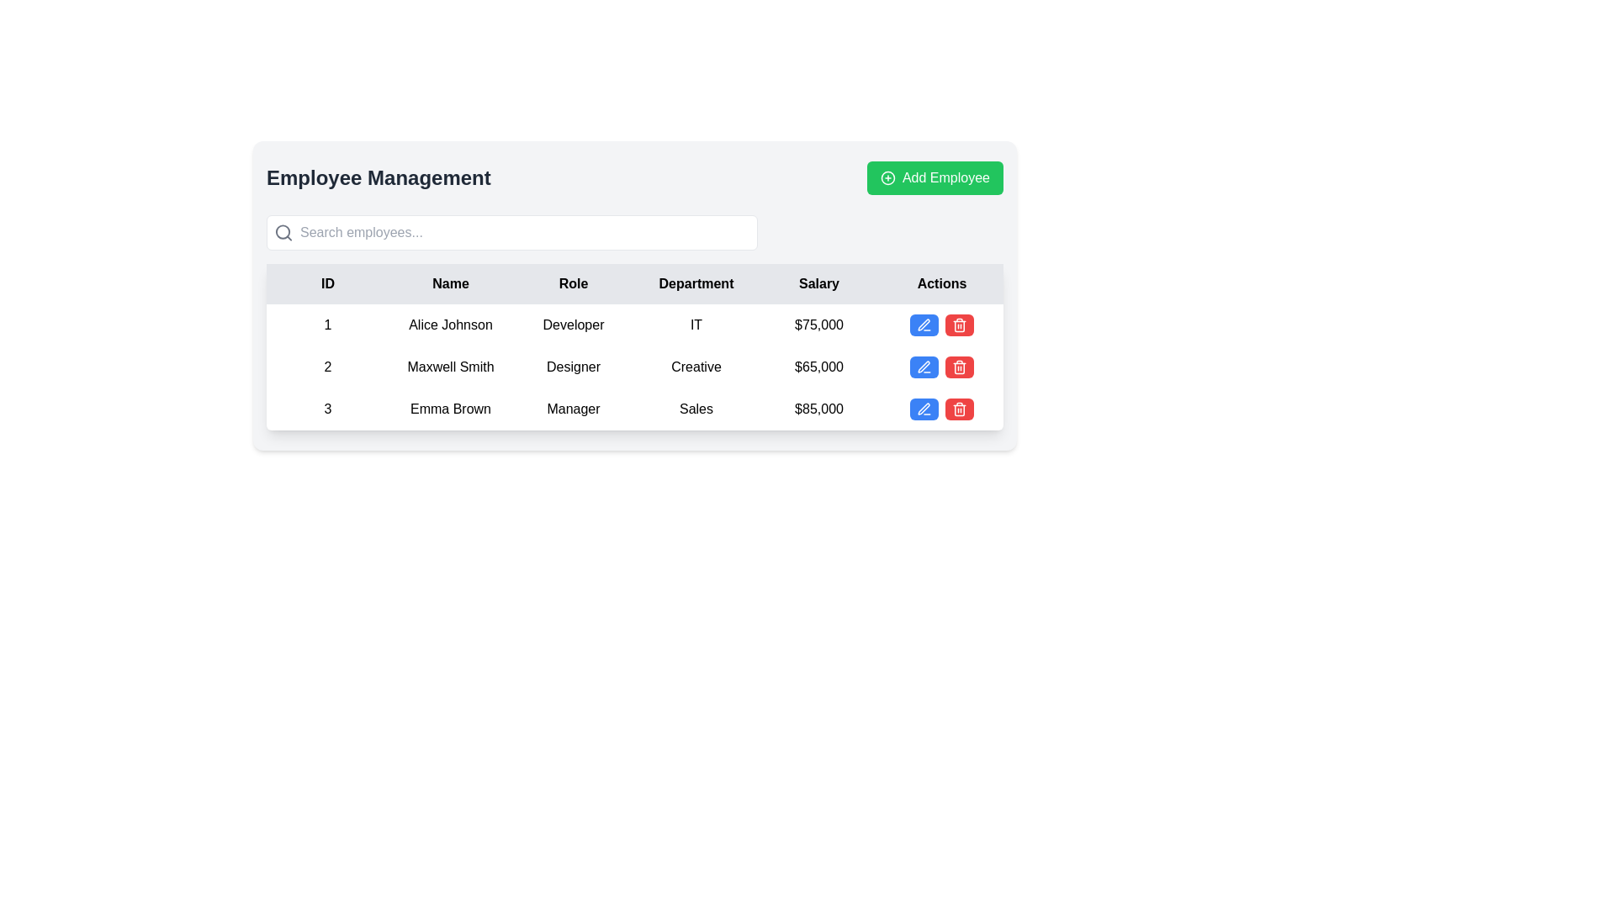 The height and width of the screenshot is (908, 1615). What do you see at coordinates (819, 366) in the screenshot?
I see `the static text displaying the salary amount '$65,000' located in the 'Salary' column of the second row in the employee details table` at bounding box center [819, 366].